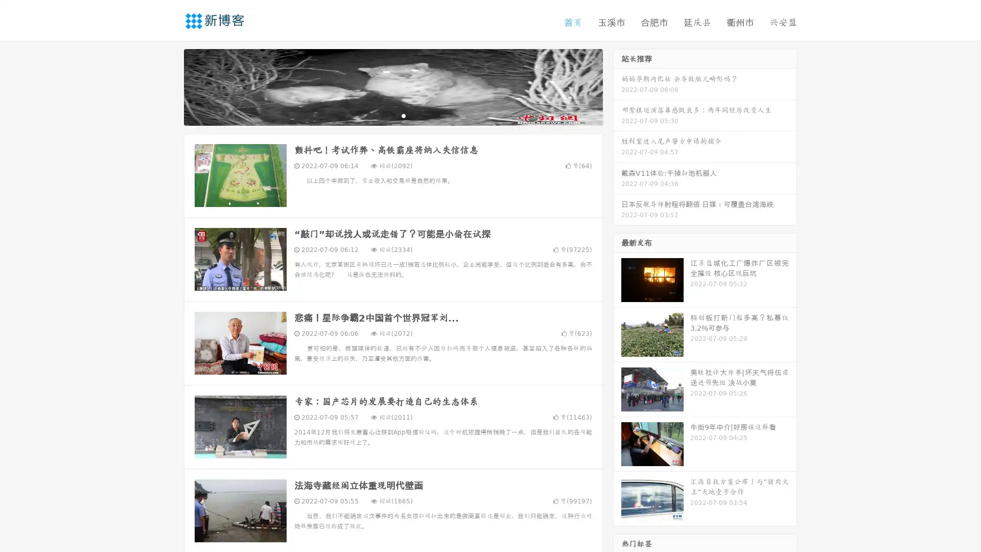 This screenshot has height=552, width=981. Describe the element at coordinates (392, 115) in the screenshot. I see `Go to slide 2` at that location.